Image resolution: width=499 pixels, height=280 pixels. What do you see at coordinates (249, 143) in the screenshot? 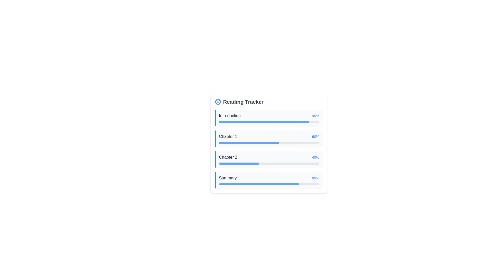
I see `the blue round-edged progress bar segment indicating completion for 'Chapter 1' in the tracker widget` at bounding box center [249, 143].